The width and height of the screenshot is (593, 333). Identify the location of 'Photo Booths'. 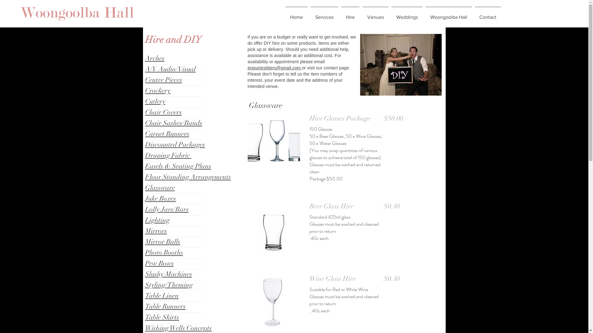
(164, 252).